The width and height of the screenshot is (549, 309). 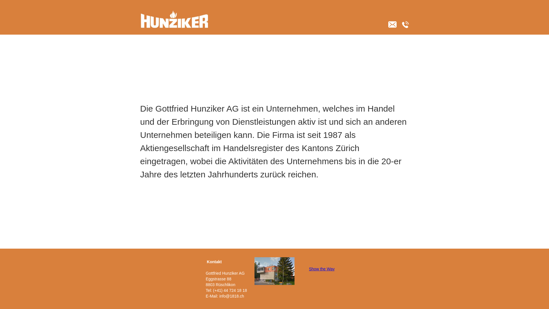 What do you see at coordinates (309, 269) in the screenshot?
I see `'Show the Way'` at bounding box center [309, 269].